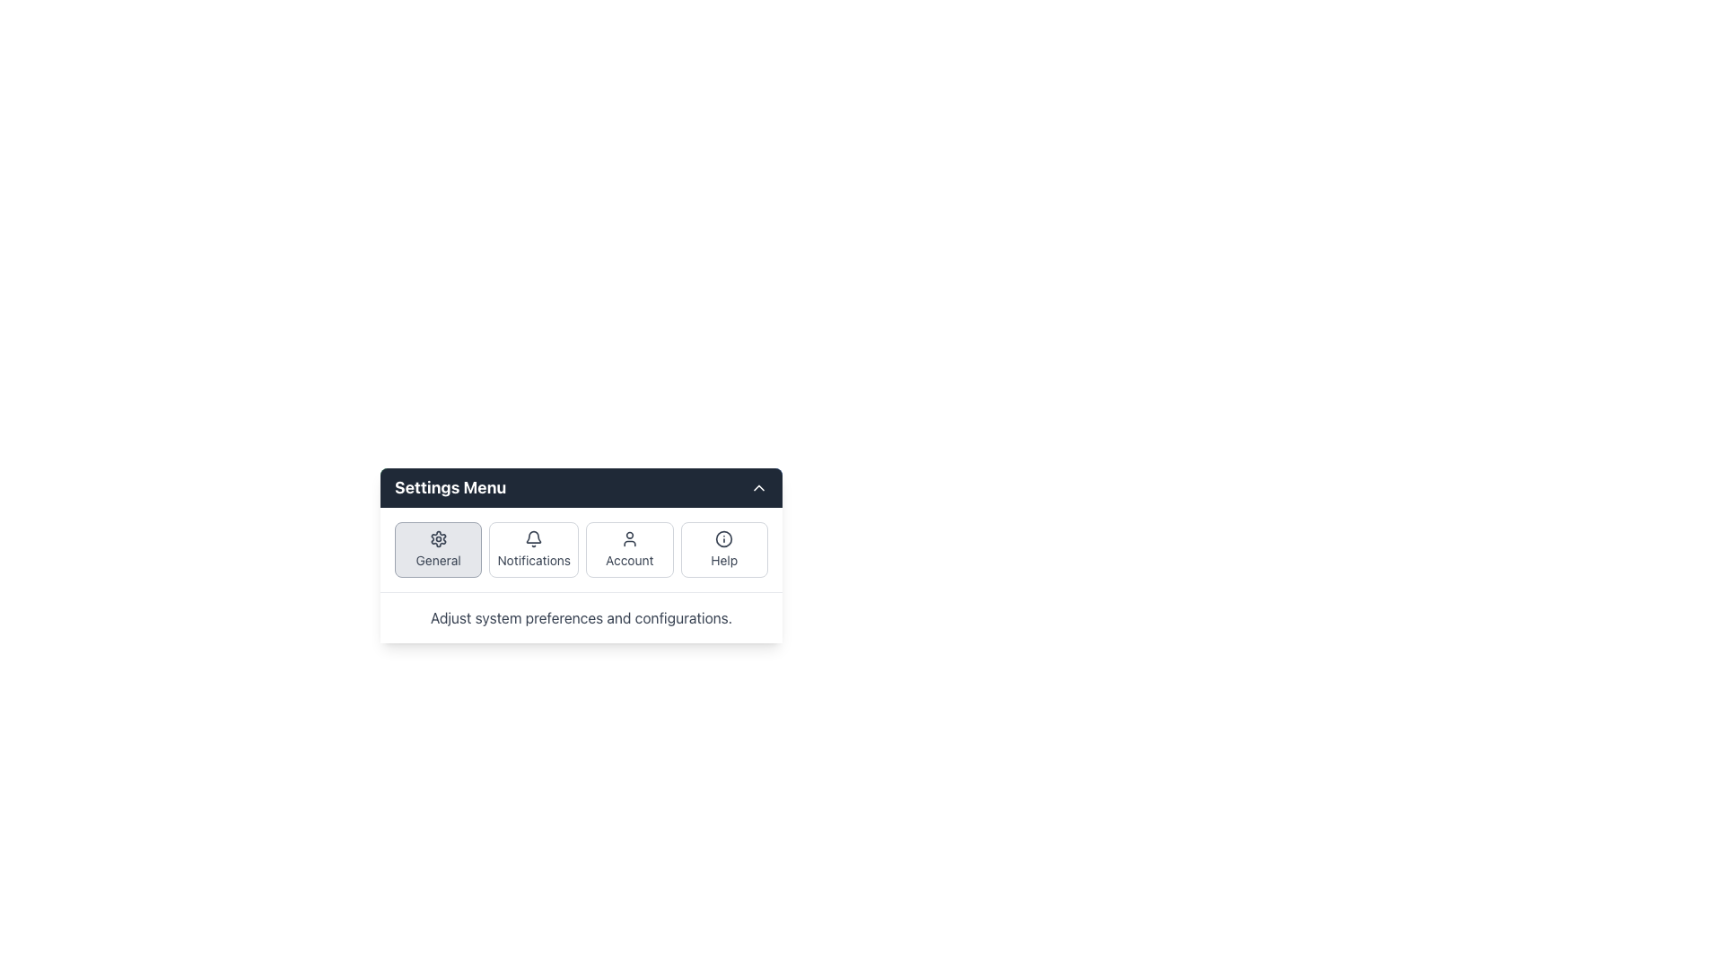  I want to click on the General settings button located below the 'Settings Menu' header, which is the first option in a row of four buttons, so click(438, 549).